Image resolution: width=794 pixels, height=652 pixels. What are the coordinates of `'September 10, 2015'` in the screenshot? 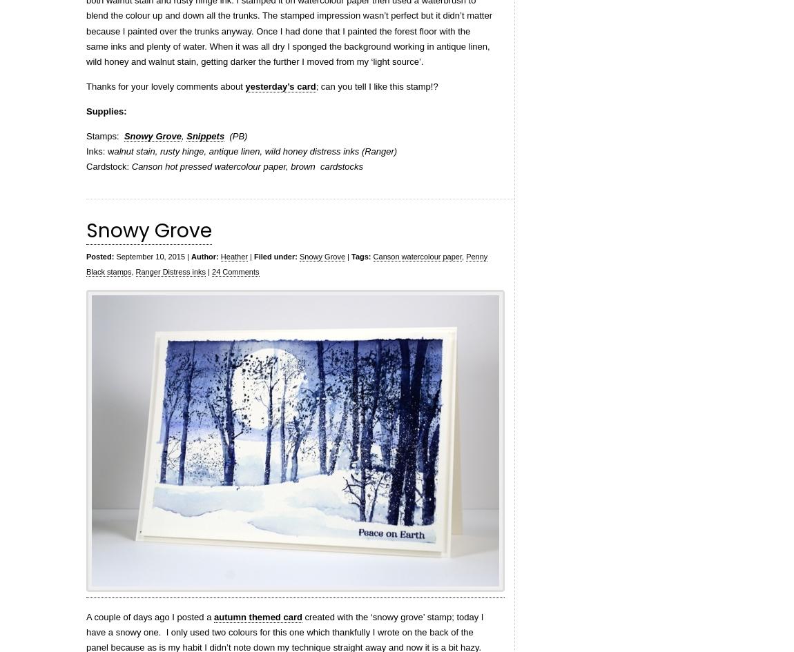 It's located at (148, 256).